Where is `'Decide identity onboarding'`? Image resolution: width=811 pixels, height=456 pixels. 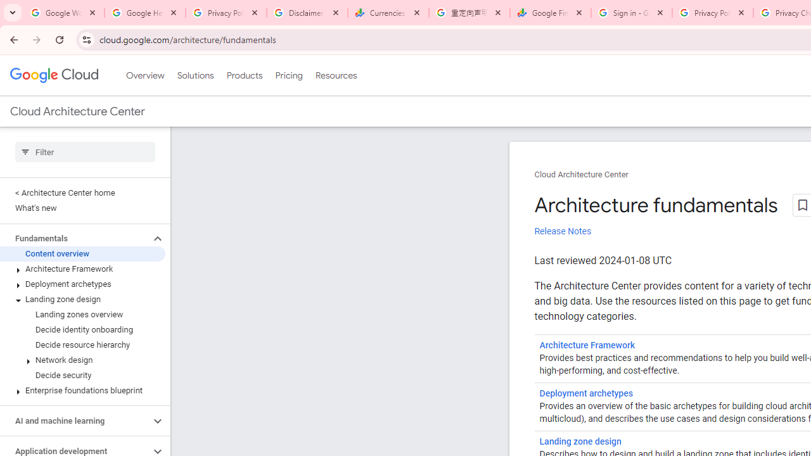 'Decide identity onboarding' is located at coordinates (82, 329).